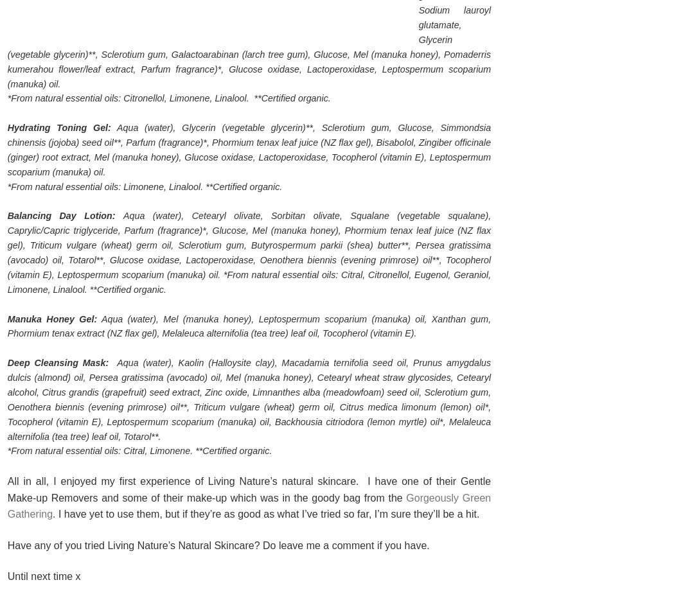 Image resolution: width=699 pixels, height=605 pixels. What do you see at coordinates (57, 362) in the screenshot?
I see `'Deep Cleansing Mask:'` at bounding box center [57, 362].